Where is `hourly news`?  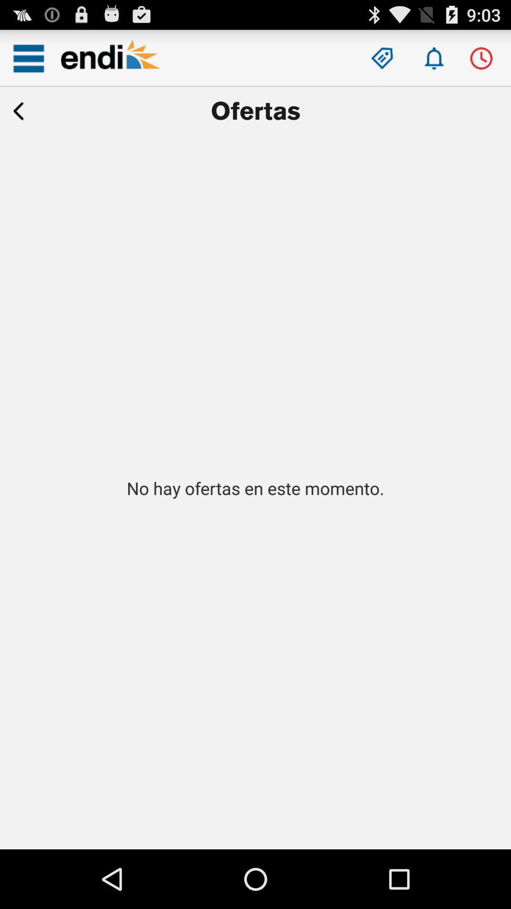 hourly news is located at coordinates (481, 58).